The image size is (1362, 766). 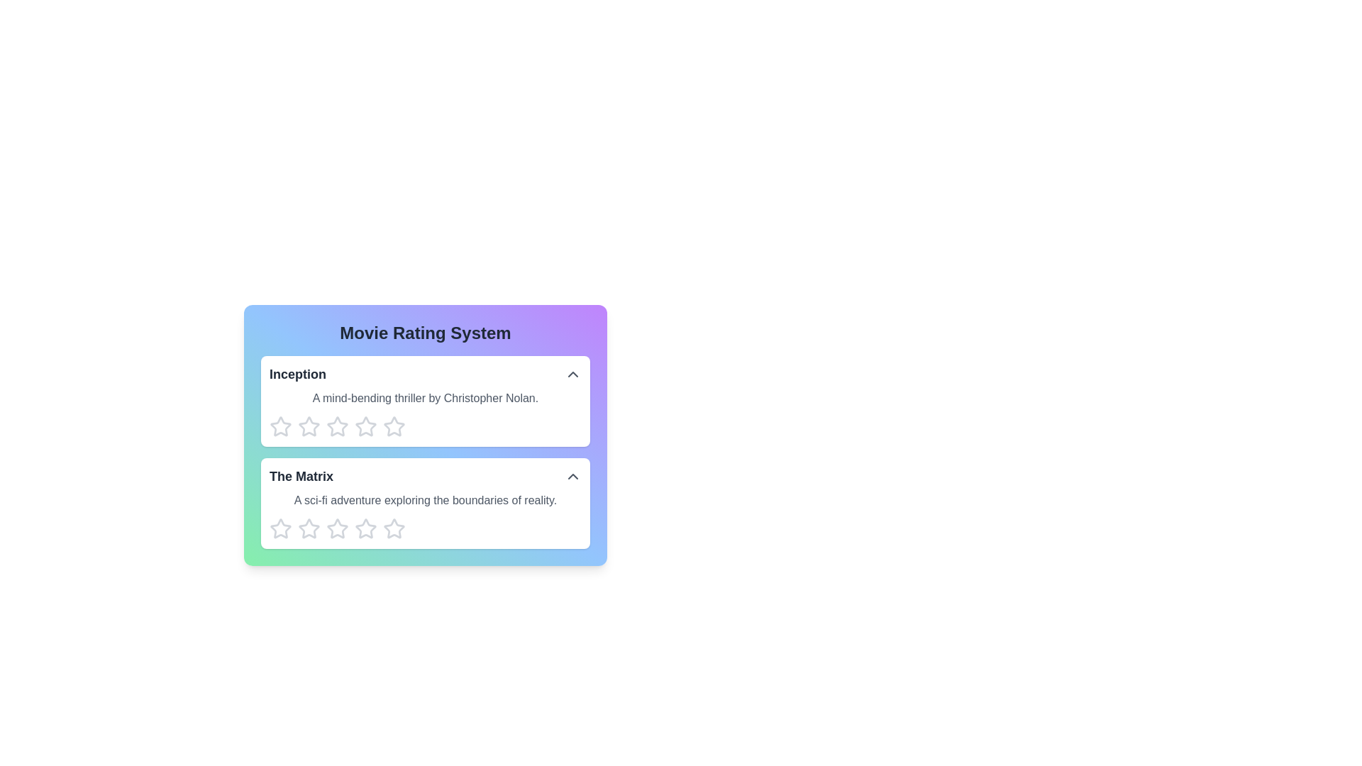 I want to click on the seventh rating star icon for the movie 'The Matrix', so click(x=394, y=528).